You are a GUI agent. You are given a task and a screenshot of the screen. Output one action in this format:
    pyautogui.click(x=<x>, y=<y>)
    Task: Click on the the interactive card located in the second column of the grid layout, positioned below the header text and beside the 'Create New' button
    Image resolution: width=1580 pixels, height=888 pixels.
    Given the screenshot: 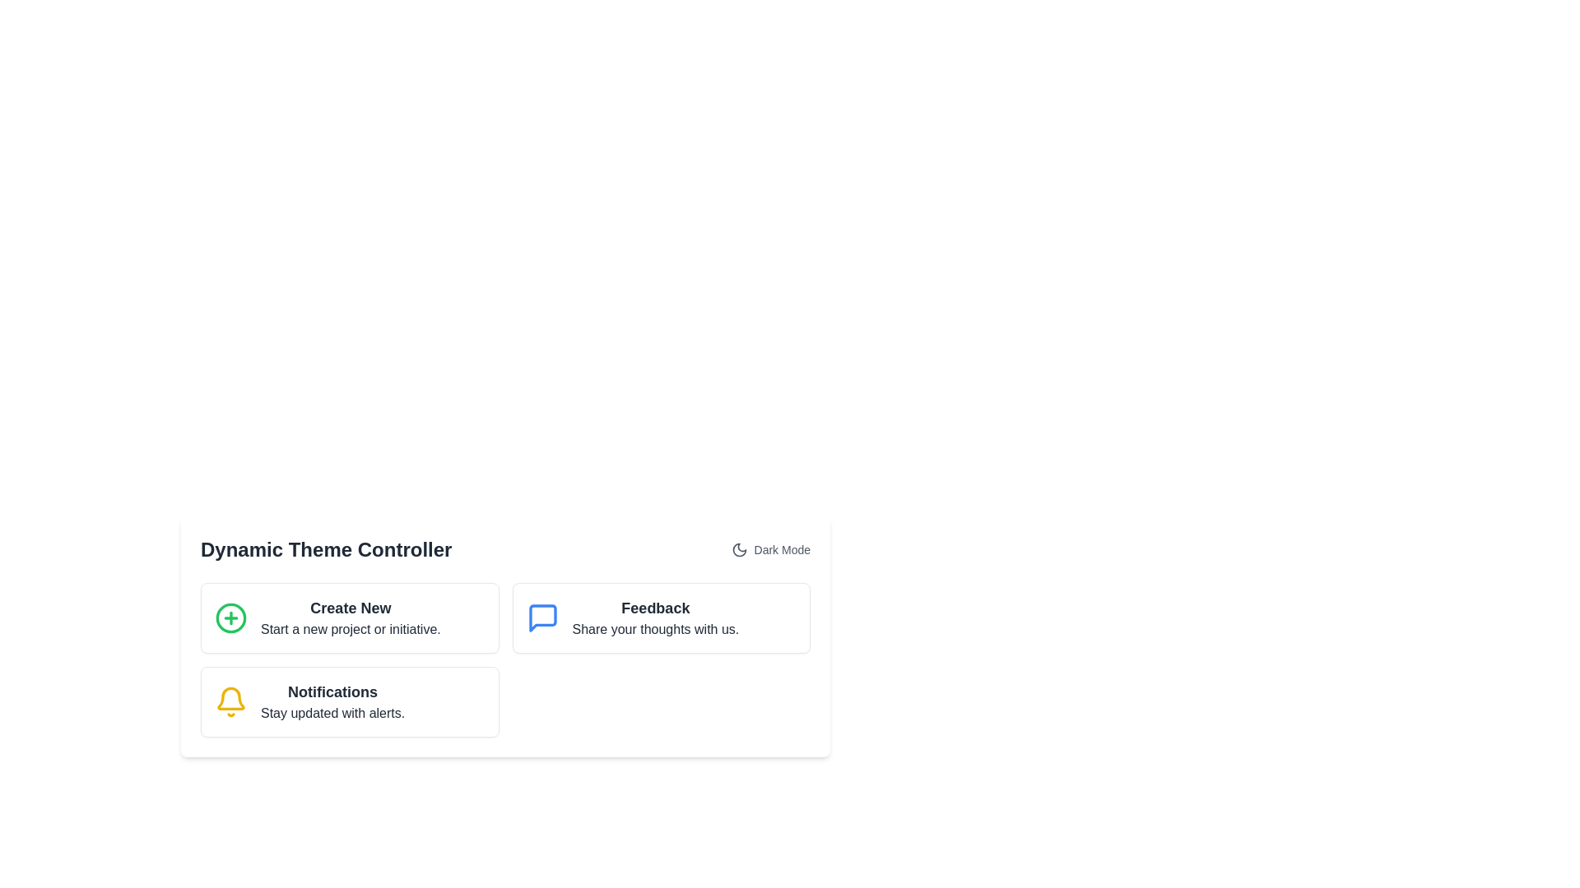 What is the action you would take?
    pyautogui.click(x=661, y=618)
    